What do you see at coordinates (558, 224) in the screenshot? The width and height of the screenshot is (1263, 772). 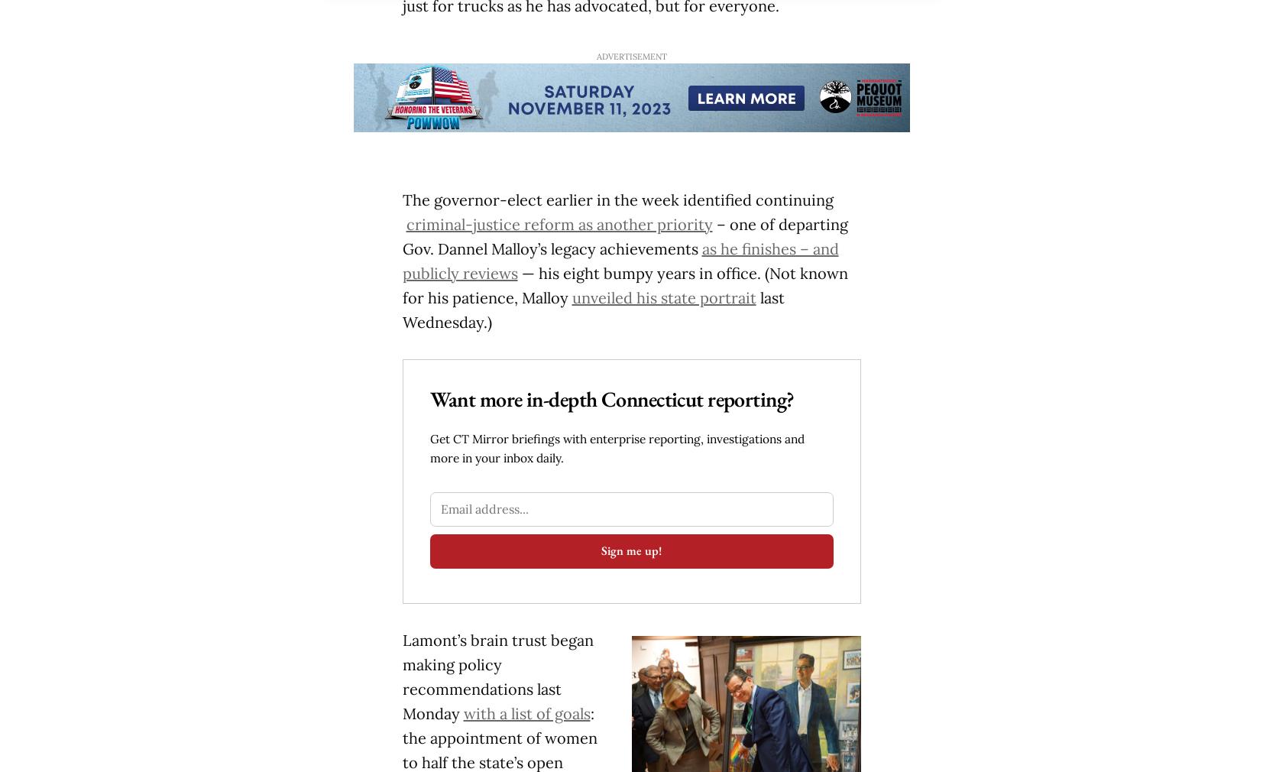 I see `'criminal-justice reform as another priority'` at bounding box center [558, 224].